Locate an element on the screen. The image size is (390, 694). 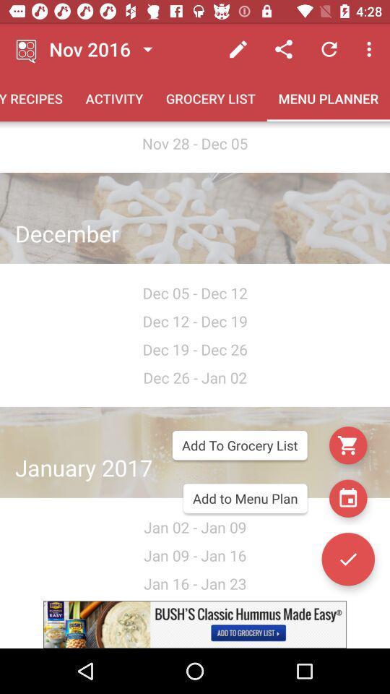
calendar is located at coordinates (347, 498).